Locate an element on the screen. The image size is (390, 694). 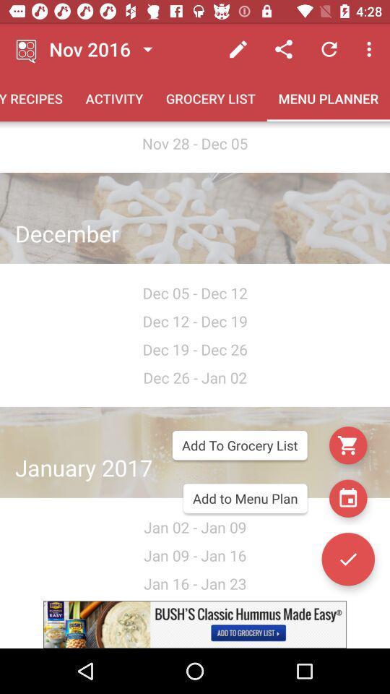
calendar is located at coordinates (347, 498).